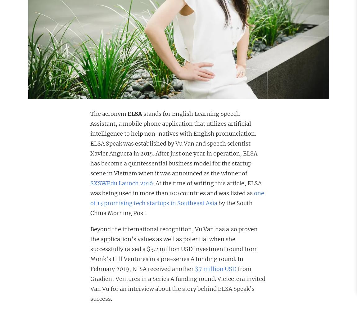  I want to click on '$7 million USD', so click(195, 269).